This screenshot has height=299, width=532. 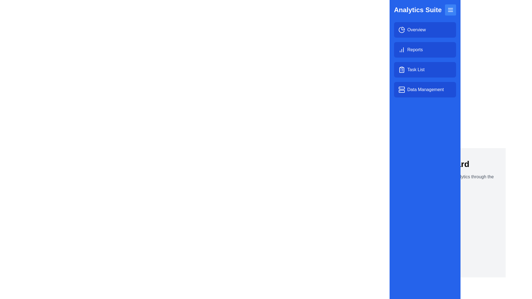 What do you see at coordinates (447, 164) in the screenshot?
I see `the text element Dashboard for interaction` at bounding box center [447, 164].